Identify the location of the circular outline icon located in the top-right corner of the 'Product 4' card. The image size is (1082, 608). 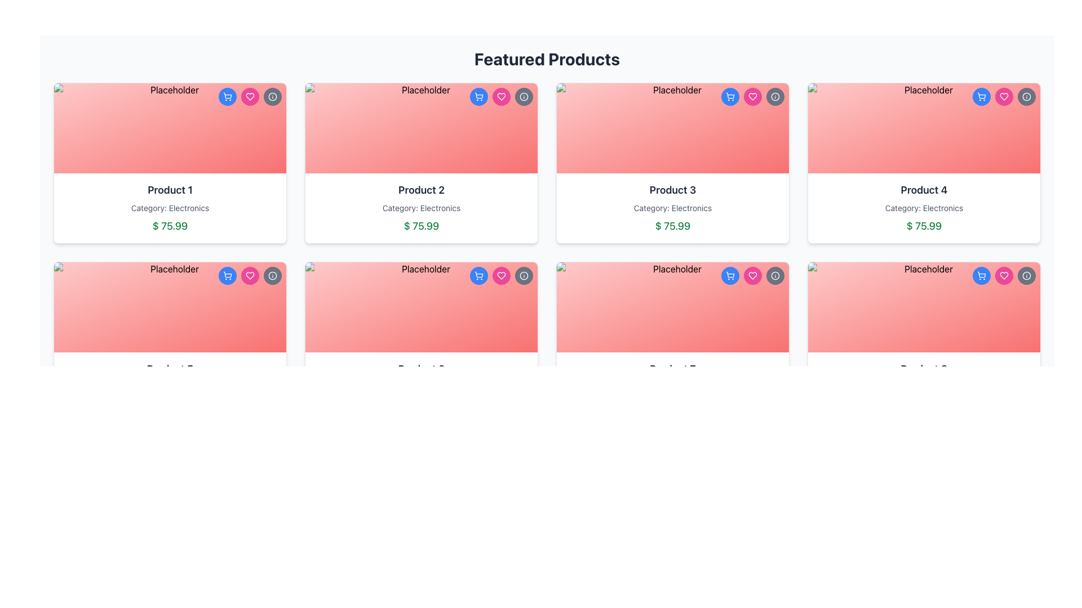
(775, 275).